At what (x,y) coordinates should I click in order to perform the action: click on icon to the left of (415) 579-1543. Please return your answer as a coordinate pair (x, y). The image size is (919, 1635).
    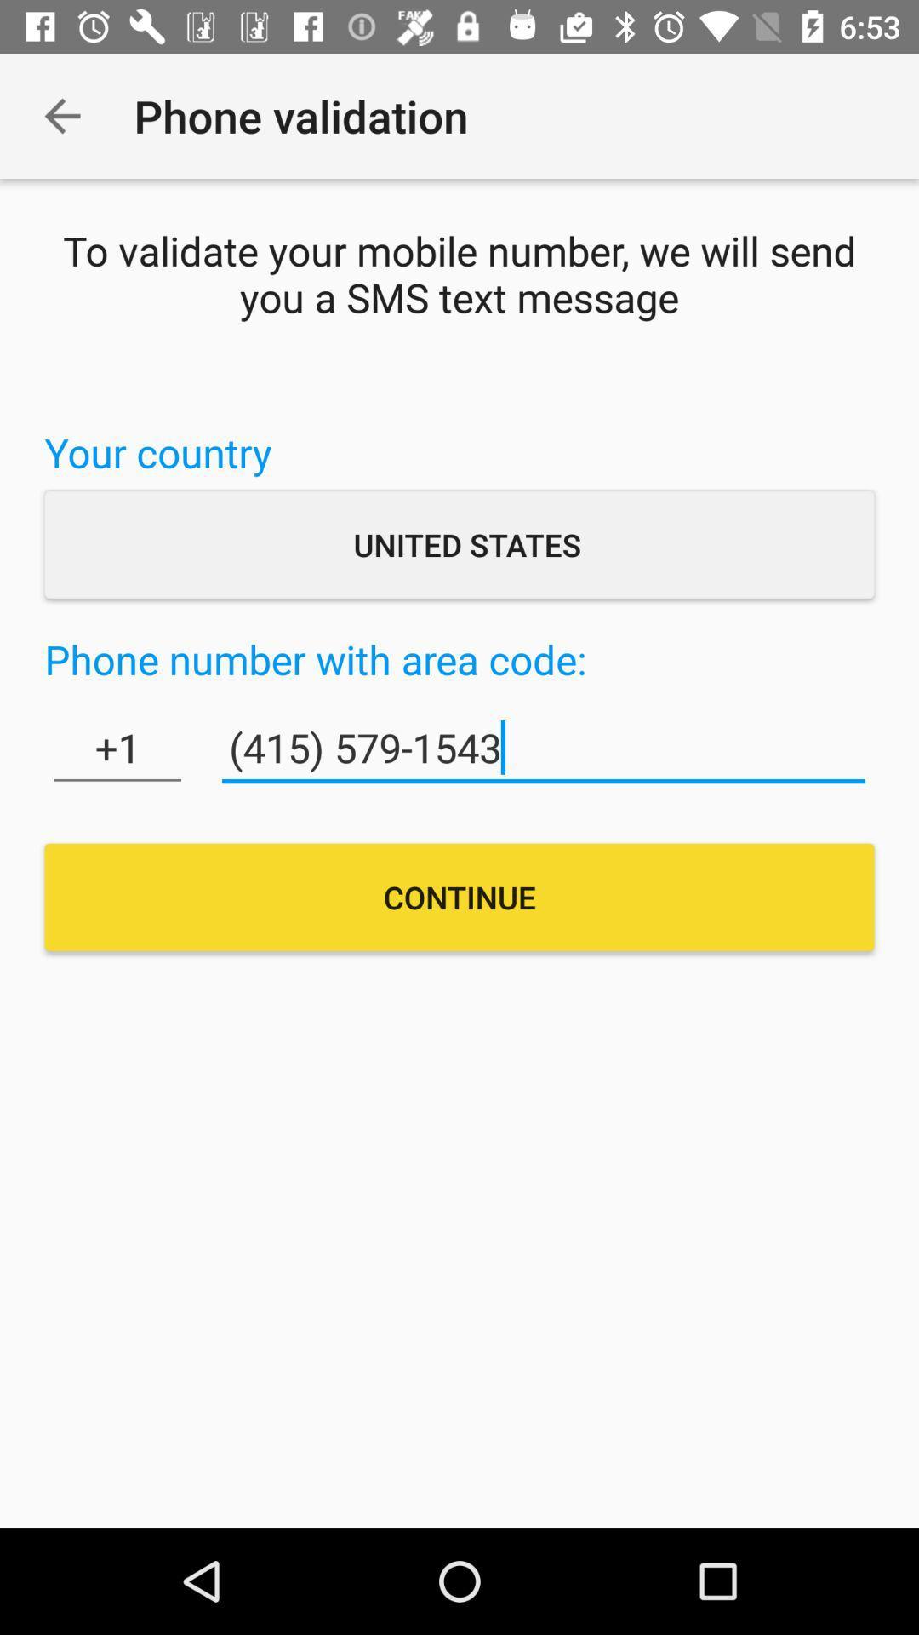
    Looking at the image, I should click on (117, 748).